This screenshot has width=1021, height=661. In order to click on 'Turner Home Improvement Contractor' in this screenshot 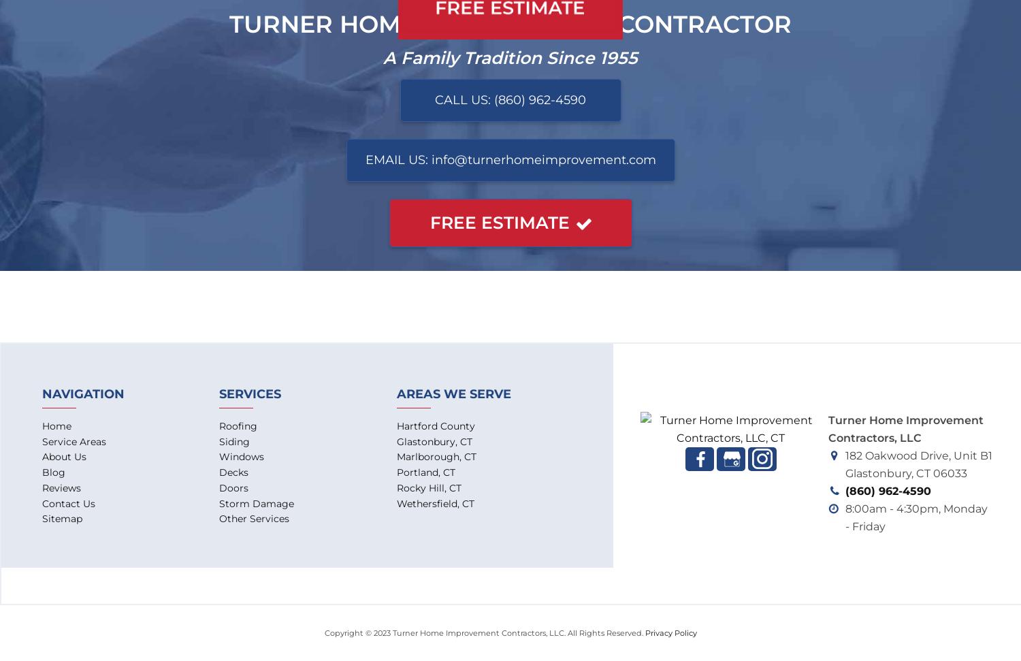, I will do `click(229, 24)`.